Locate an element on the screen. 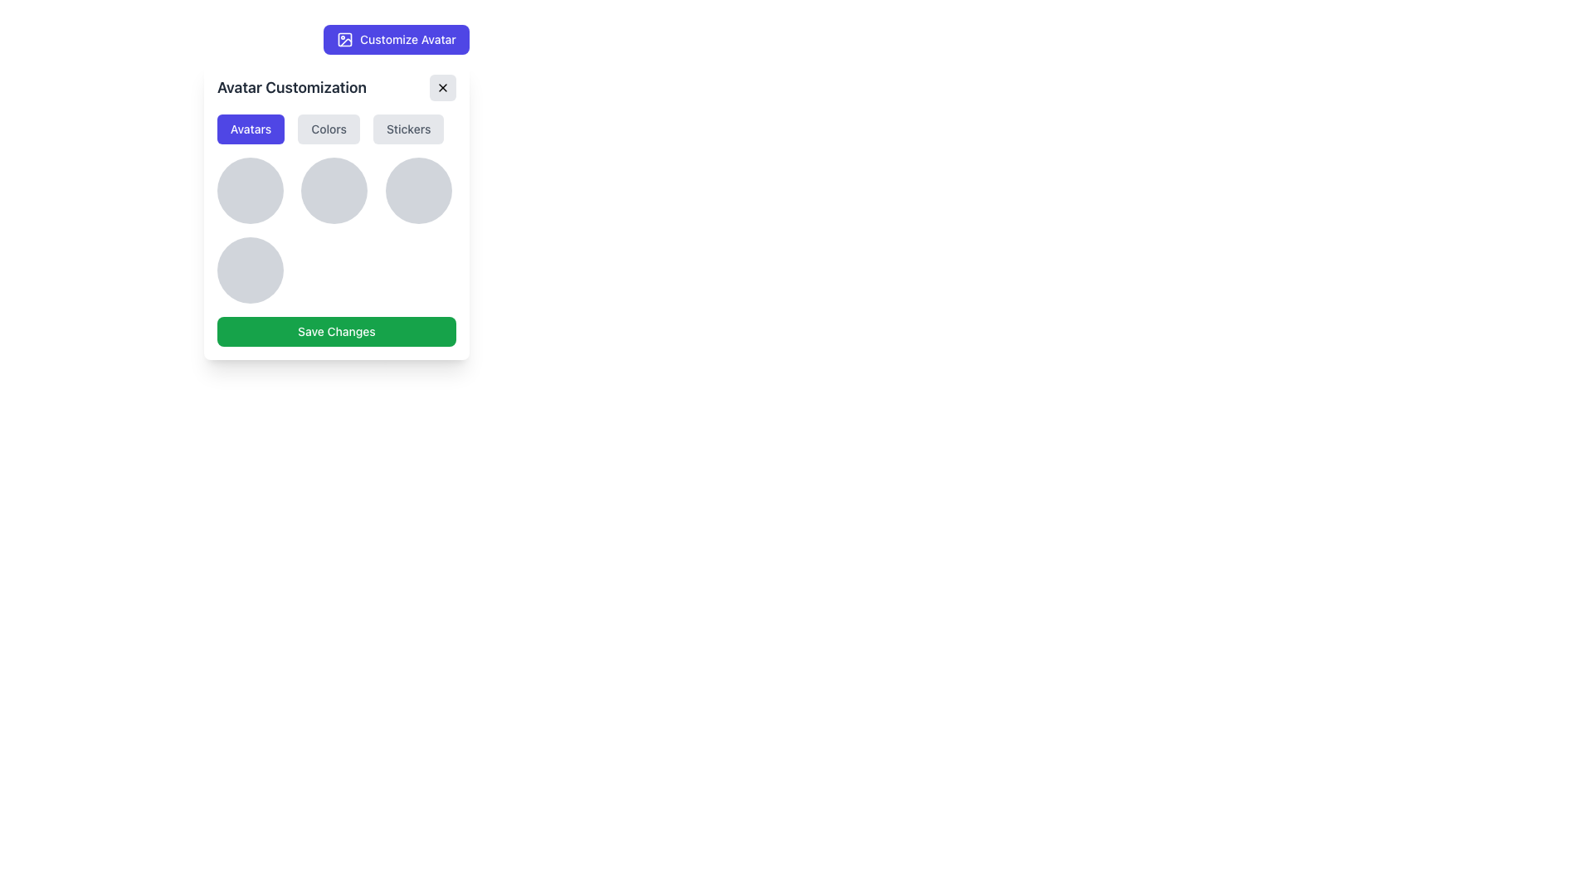 Image resolution: width=1593 pixels, height=896 pixels. the circular button with a black 'X' icon located at the top-right corner of the 'Avatar Customization' panel is located at coordinates (442, 87).